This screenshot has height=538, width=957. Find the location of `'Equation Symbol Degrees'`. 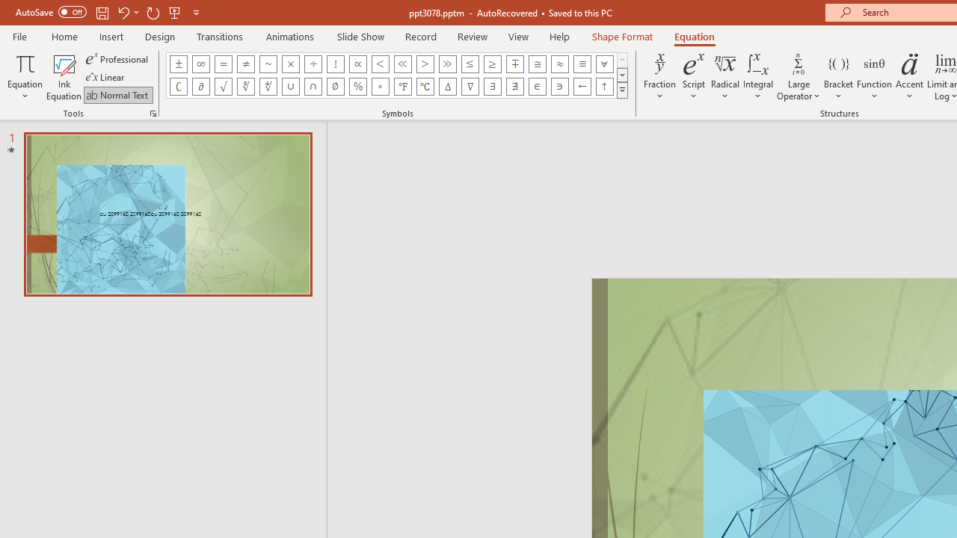

'Equation Symbol Degrees' is located at coordinates (380, 86).